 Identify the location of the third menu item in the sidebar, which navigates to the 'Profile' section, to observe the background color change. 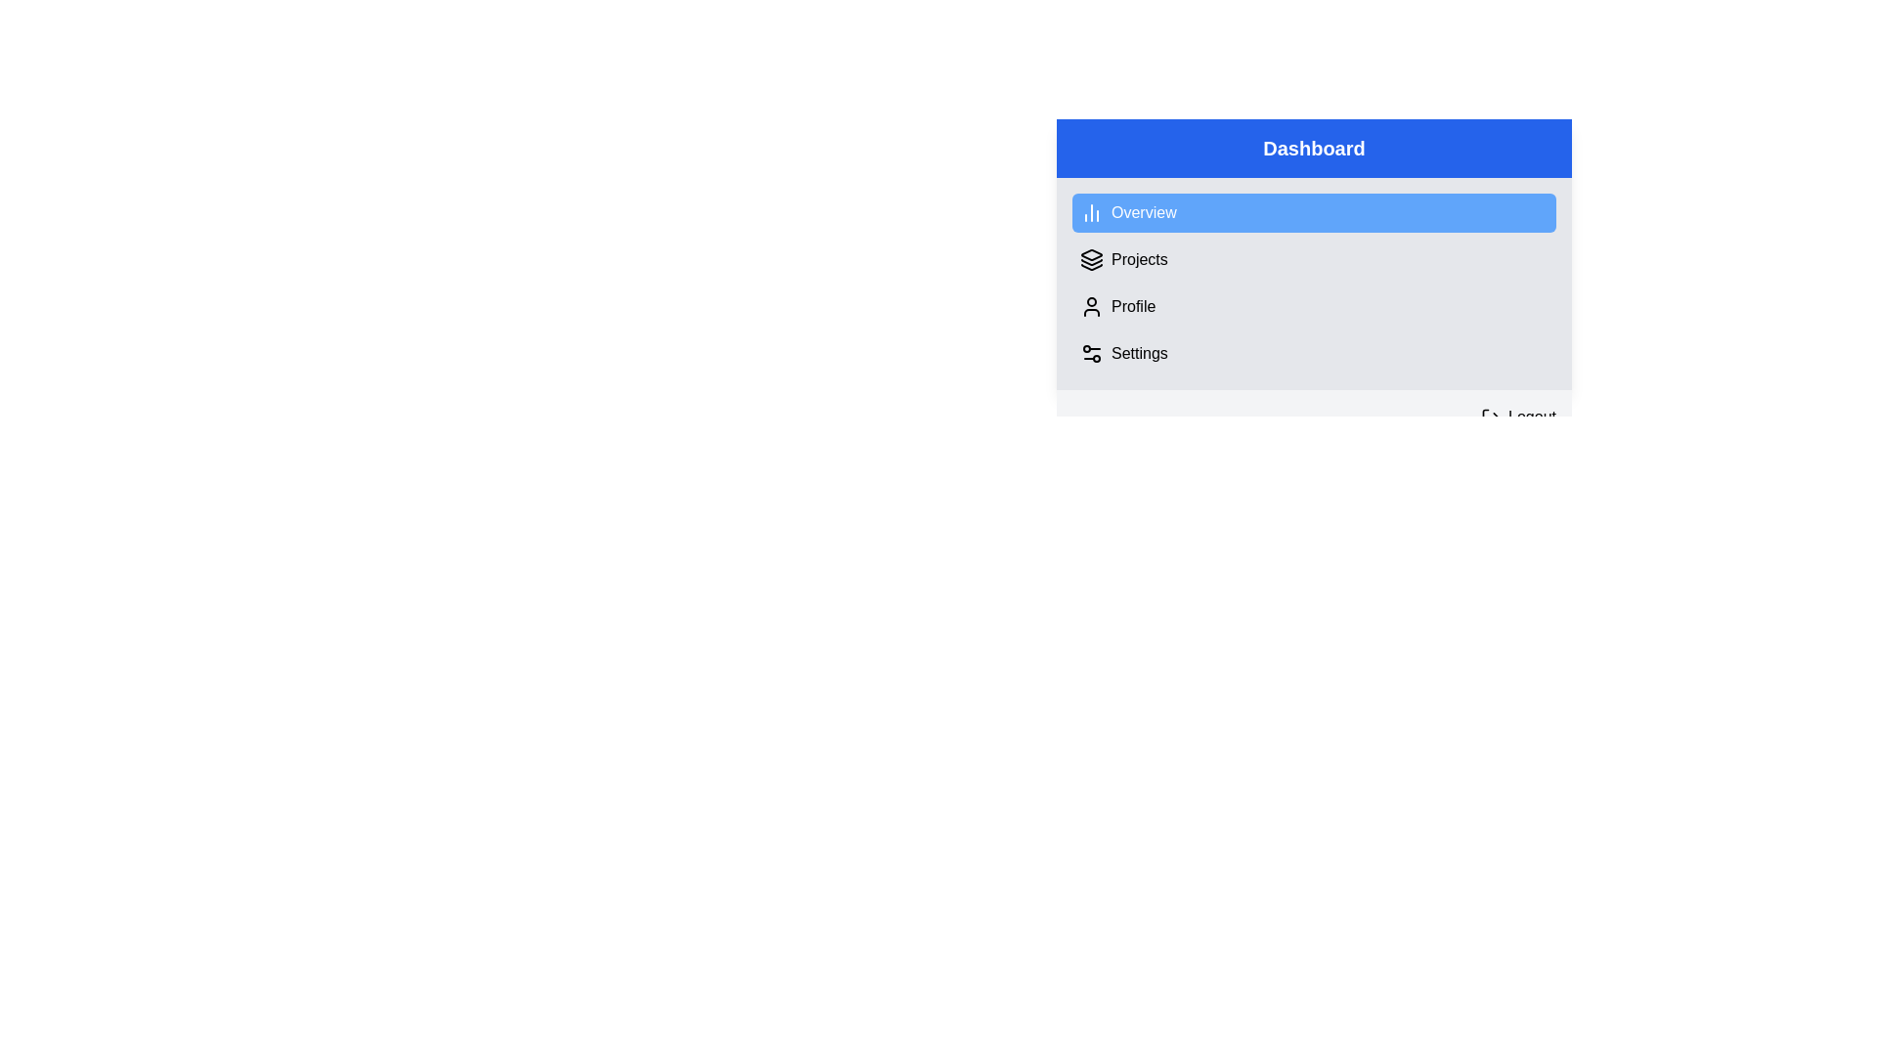
(1314, 306).